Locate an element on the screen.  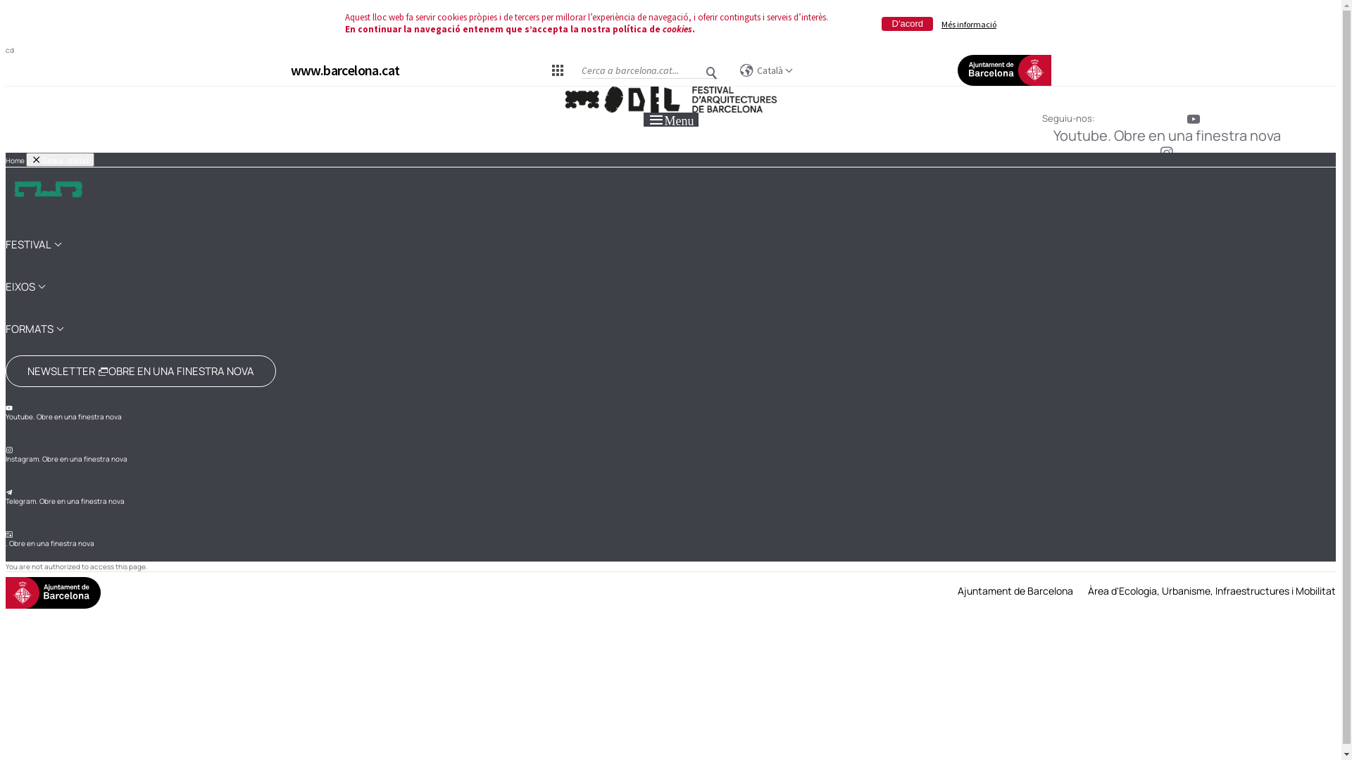
'Ajuntament de Barcelona' is located at coordinates (1015, 590).